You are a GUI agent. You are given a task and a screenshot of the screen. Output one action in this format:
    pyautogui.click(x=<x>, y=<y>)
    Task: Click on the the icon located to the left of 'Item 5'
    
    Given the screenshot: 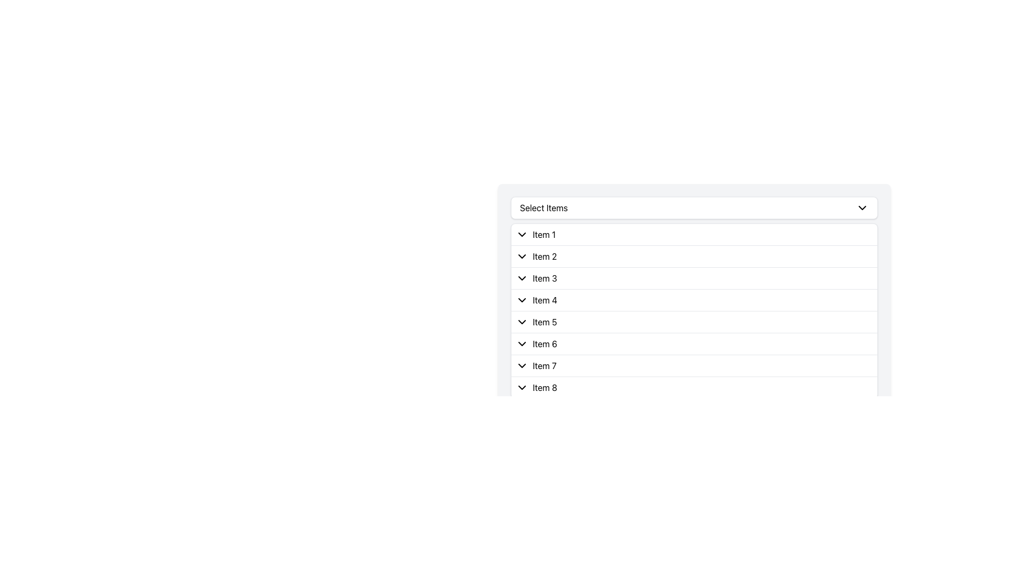 What is the action you would take?
    pyautogui.click(x=522, y=322)
    